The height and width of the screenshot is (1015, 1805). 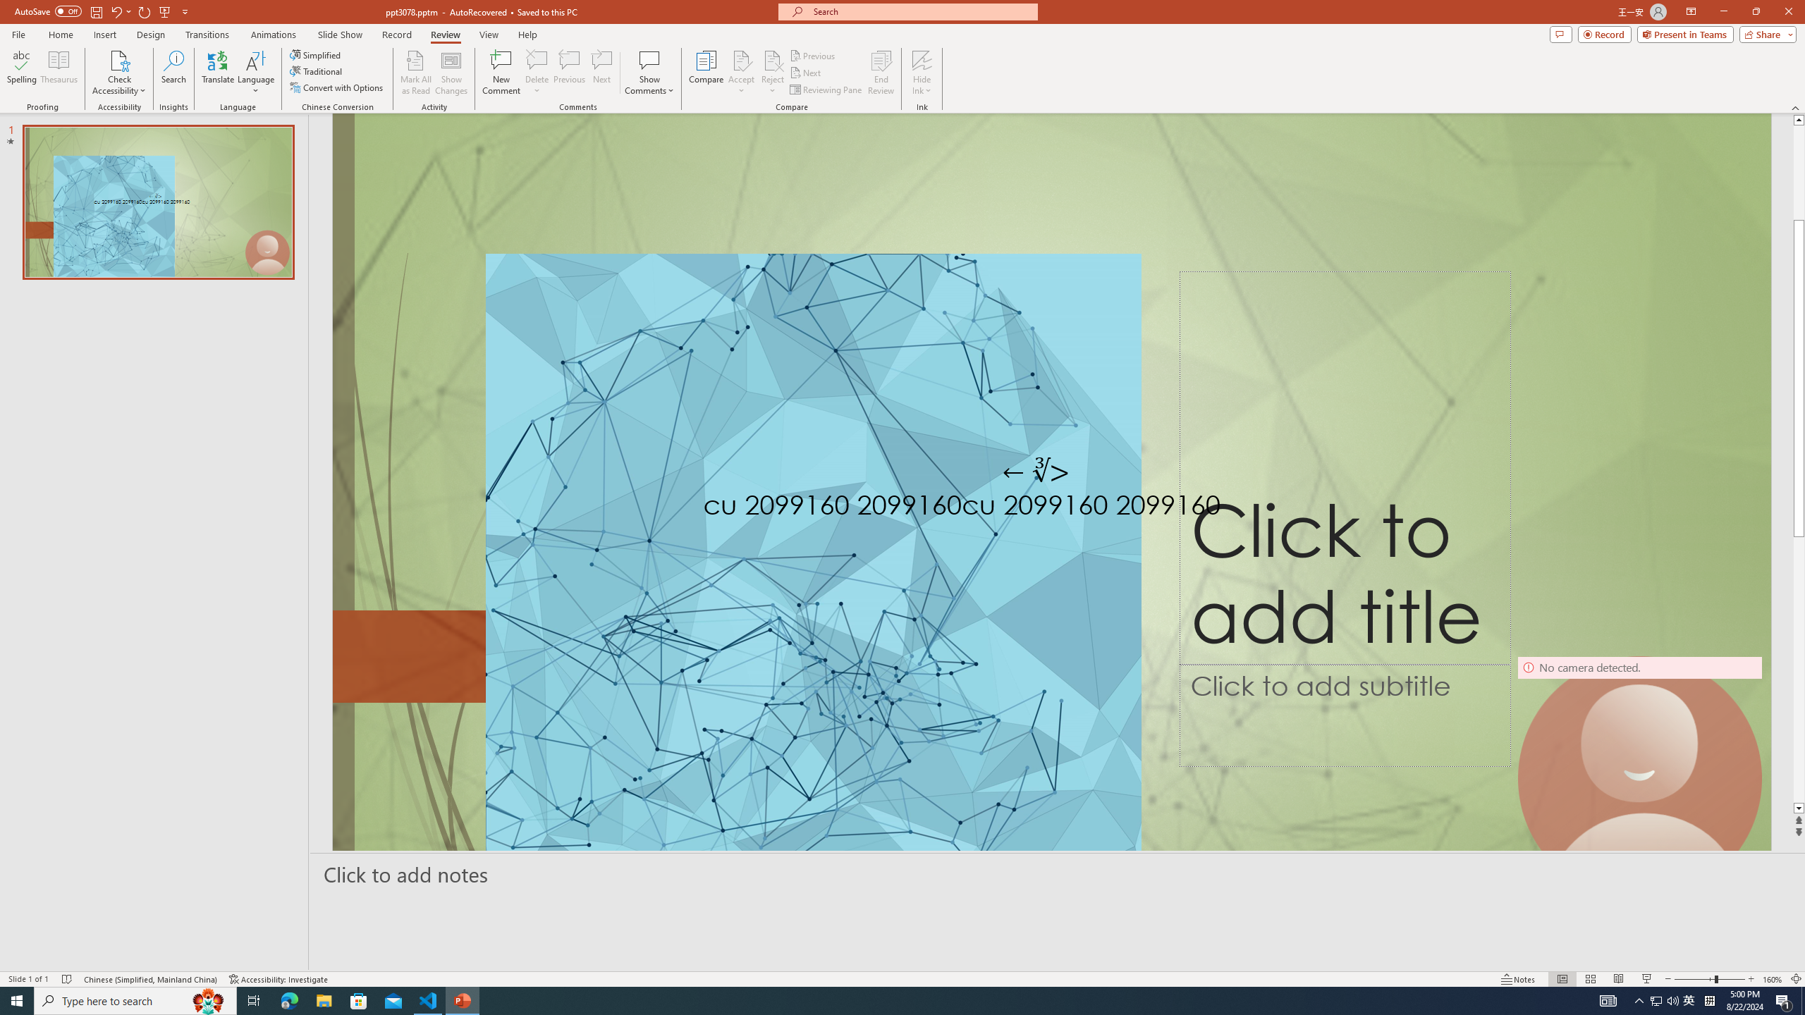 I want to click on 'Language', so click(x=255, y=73).